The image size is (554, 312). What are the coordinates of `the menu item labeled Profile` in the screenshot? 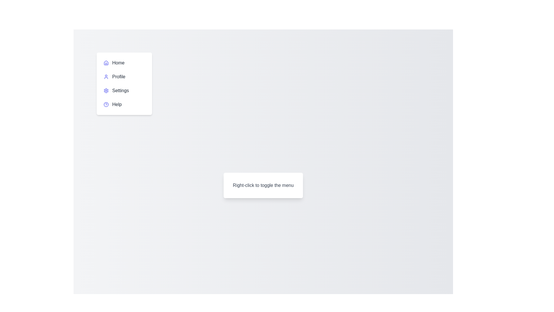 It's located at (124, 77).